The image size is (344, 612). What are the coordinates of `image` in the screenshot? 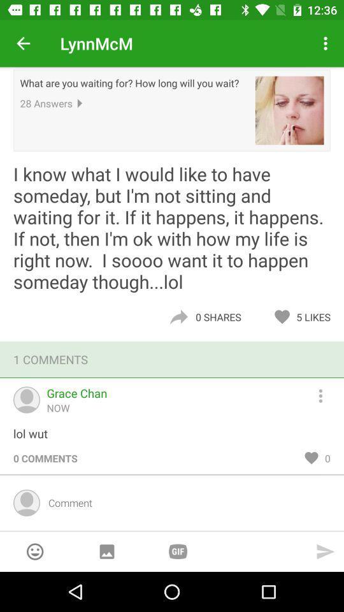 It's located at (106, 551).